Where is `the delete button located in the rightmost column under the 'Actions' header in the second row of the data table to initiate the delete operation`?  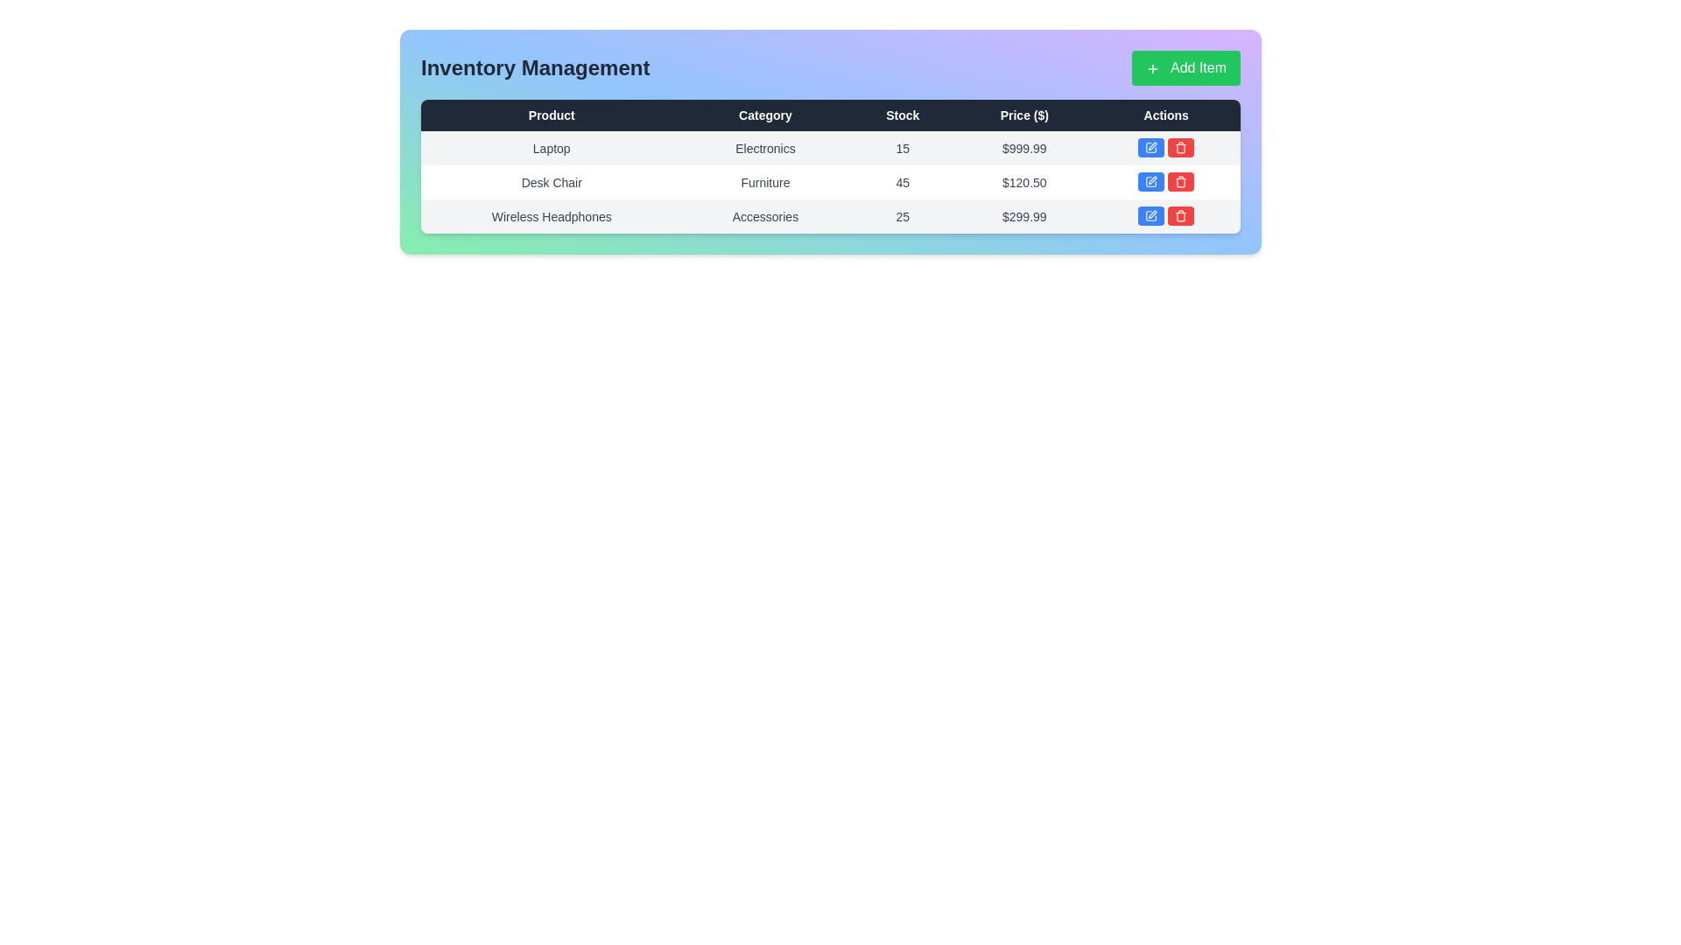 the delete button located in the rightmost column under the 'Actions' header in the second row of the data table to initiate the delete operation is located at coordinates (1181, 147).